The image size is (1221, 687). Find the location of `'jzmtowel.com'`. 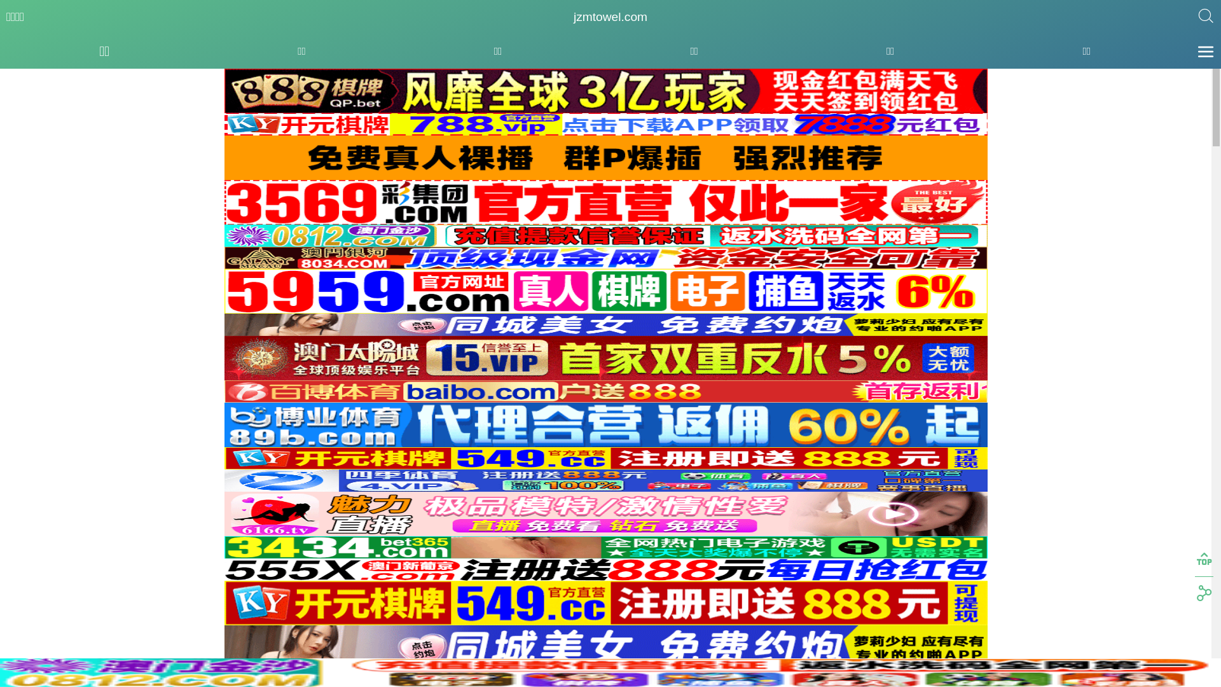

'jzmtowel.com' is located at coordinates (610, 17).